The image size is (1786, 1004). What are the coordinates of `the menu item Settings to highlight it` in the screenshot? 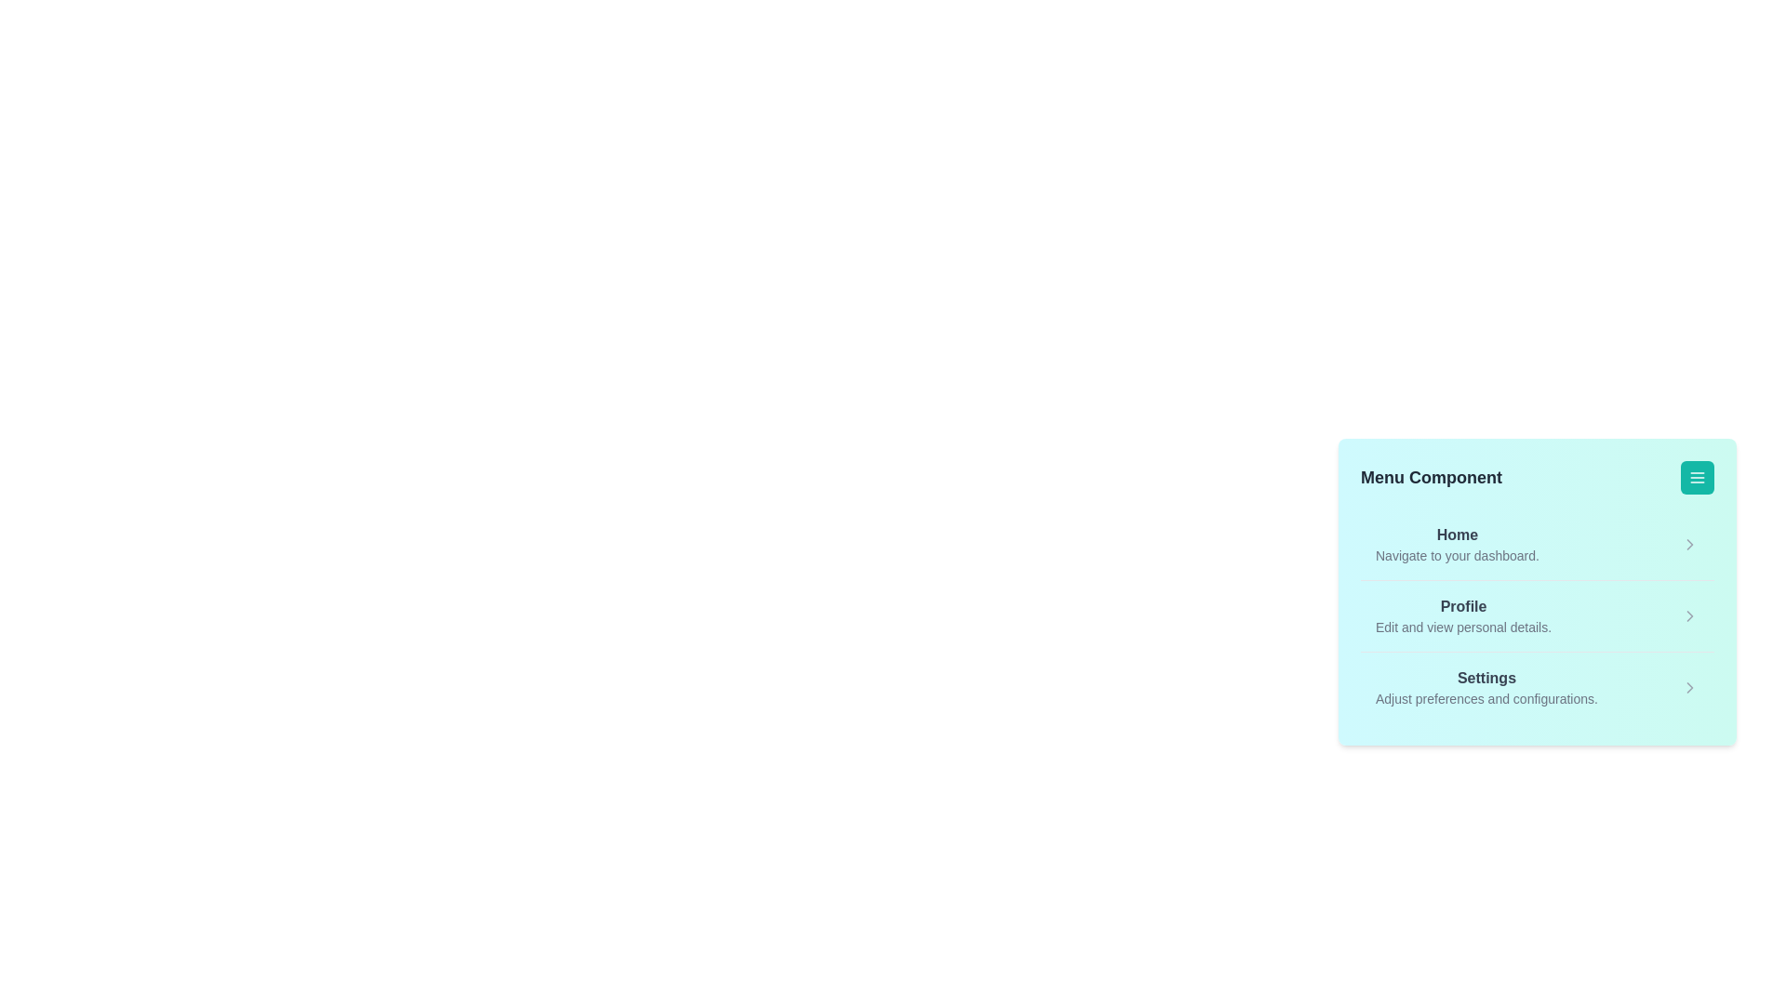 It's located at (1486, 688).